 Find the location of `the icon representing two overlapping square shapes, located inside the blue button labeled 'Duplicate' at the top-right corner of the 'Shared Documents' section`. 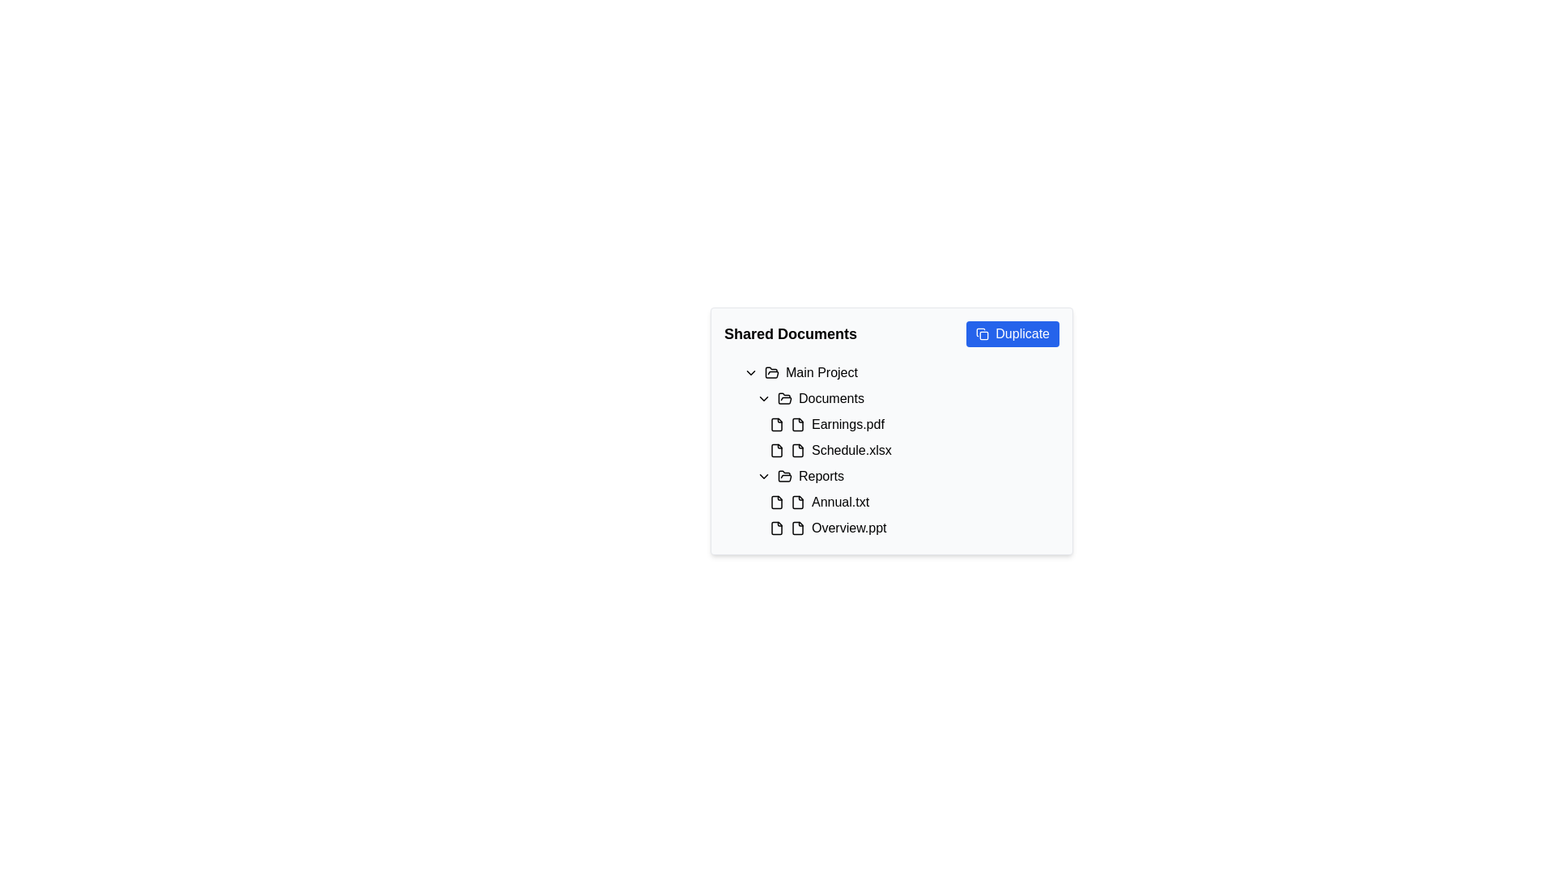

the icon representing two overlapping square shapes, located inside the blue button labeled 'Duplicate' at the top-right corner of the 'Shared Documents' section is located at coordinates (982, 333).